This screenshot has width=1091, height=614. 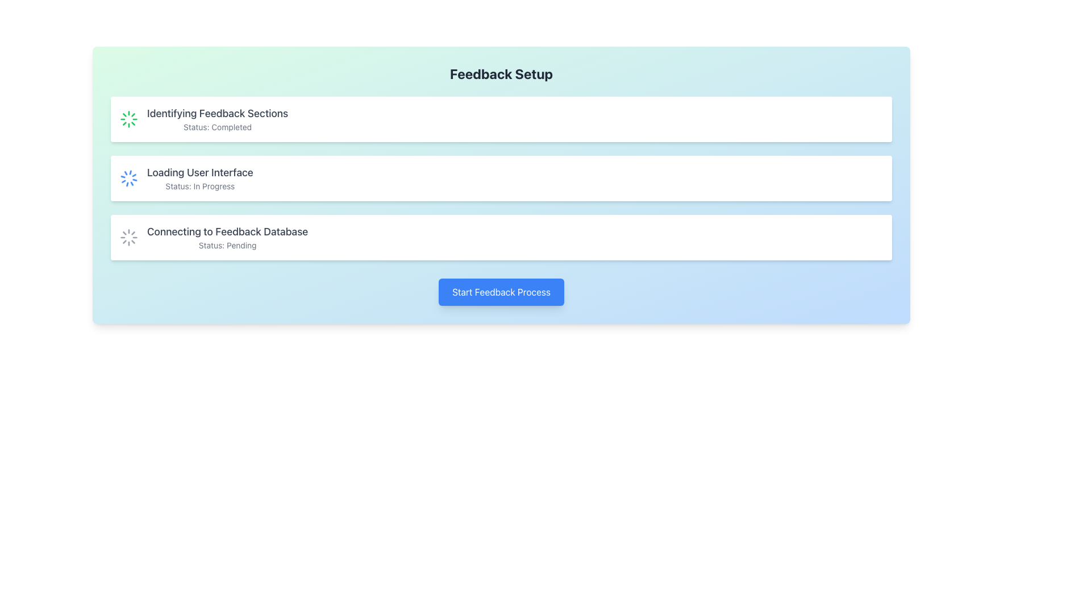 I want to click on the gray spinner icon located to the left of the text 'Connecting to Feedback Database' in the bottom card of the three vertically displayed cards, so click(x=128, y=237).